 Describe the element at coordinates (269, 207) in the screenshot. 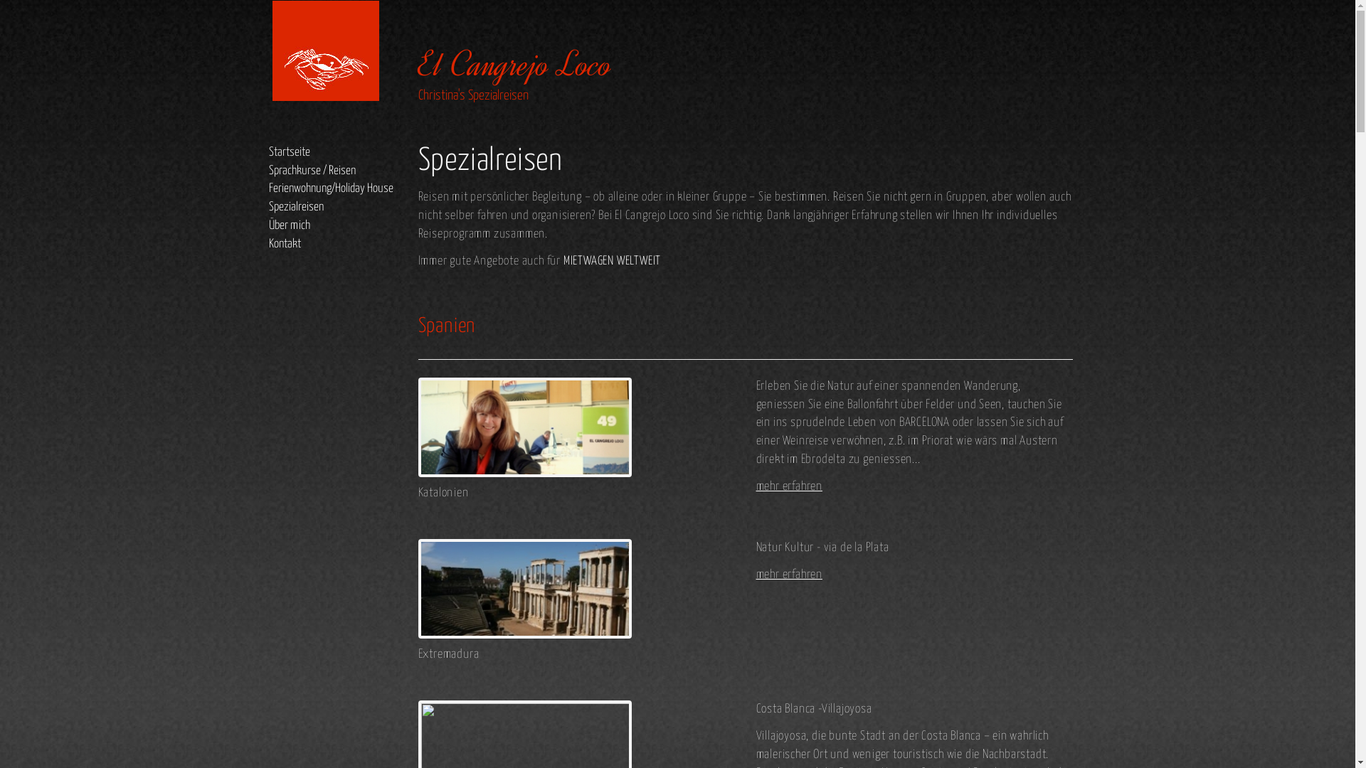

I see `'Spezialreisen'` at that location.